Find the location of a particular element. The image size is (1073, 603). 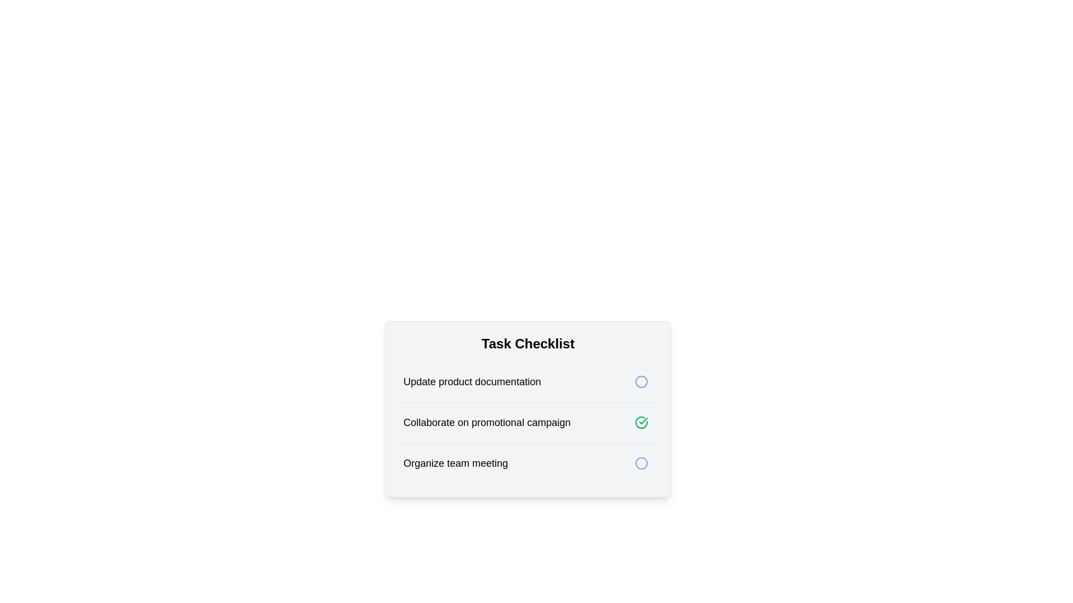

the text label that identifies the task 'Update product documentation' in the task checklist, located at the top section near a circular icon is located at coordinates (472, 381).